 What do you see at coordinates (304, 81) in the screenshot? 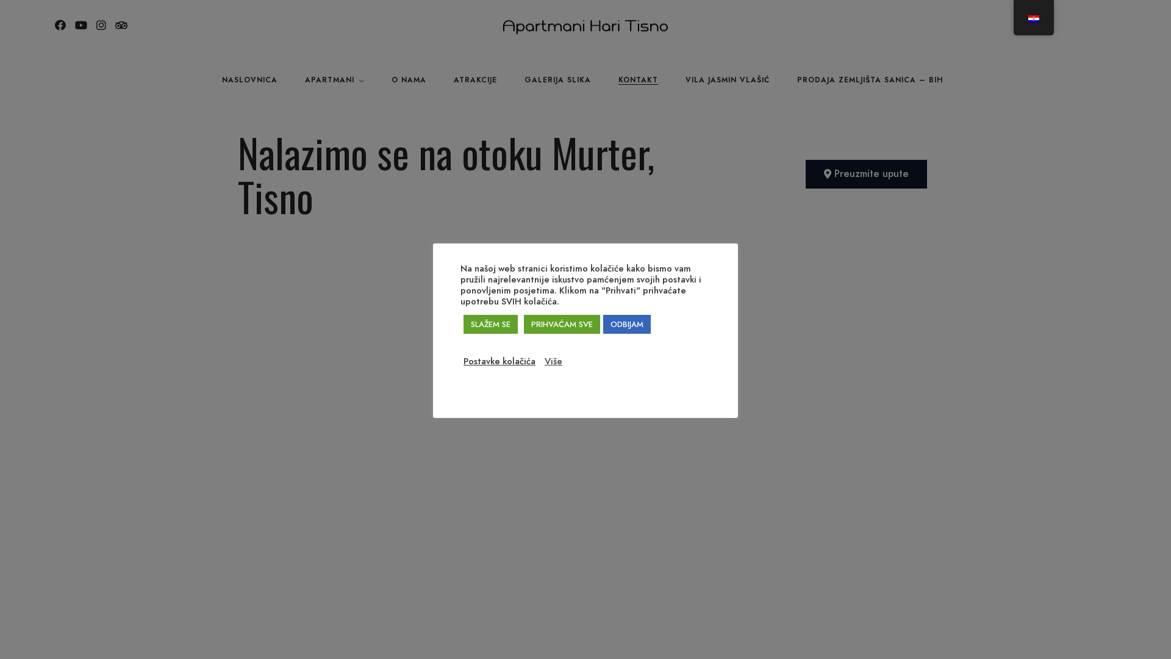
I see `'APARTMANI'` at bounding box center [304, 81].